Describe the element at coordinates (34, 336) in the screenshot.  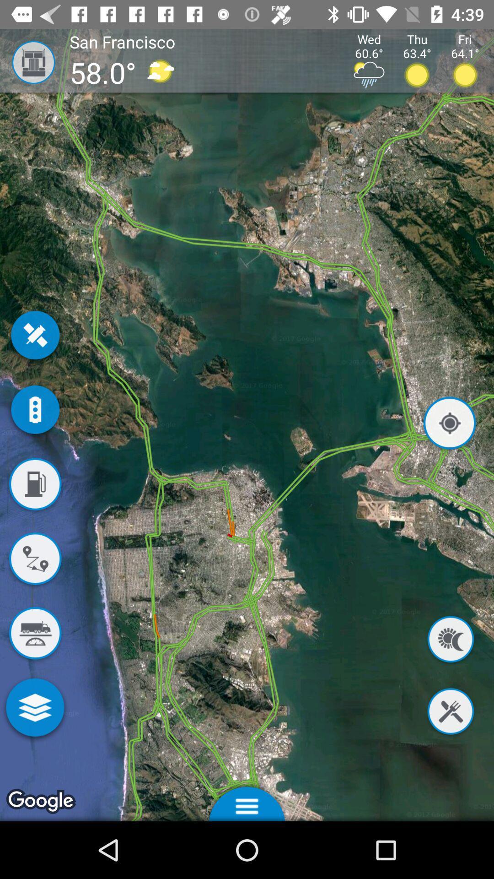
I see `the close icon` at that location.